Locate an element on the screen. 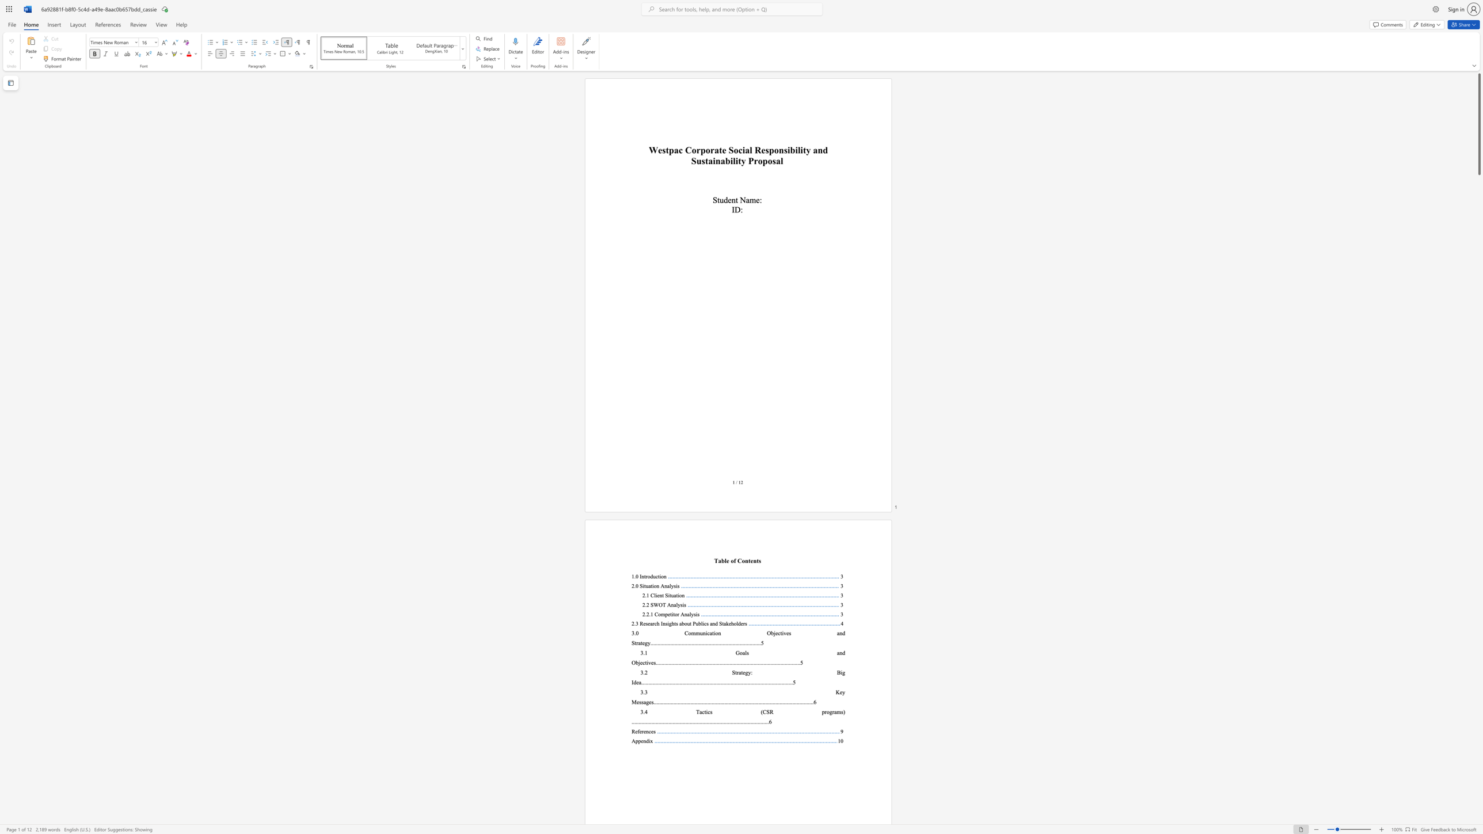  the subset text "...." within the text "........................5" is located at coordinates (793, 662).